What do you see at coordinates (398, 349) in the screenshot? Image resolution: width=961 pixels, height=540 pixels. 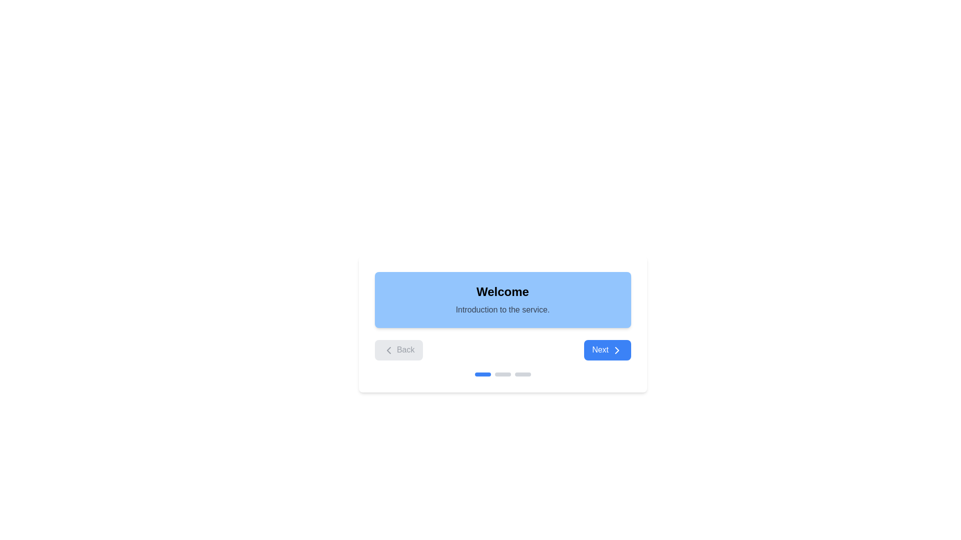 I see `the 'Back' button to navigate to the previous step` at bounding box center [398, 349].